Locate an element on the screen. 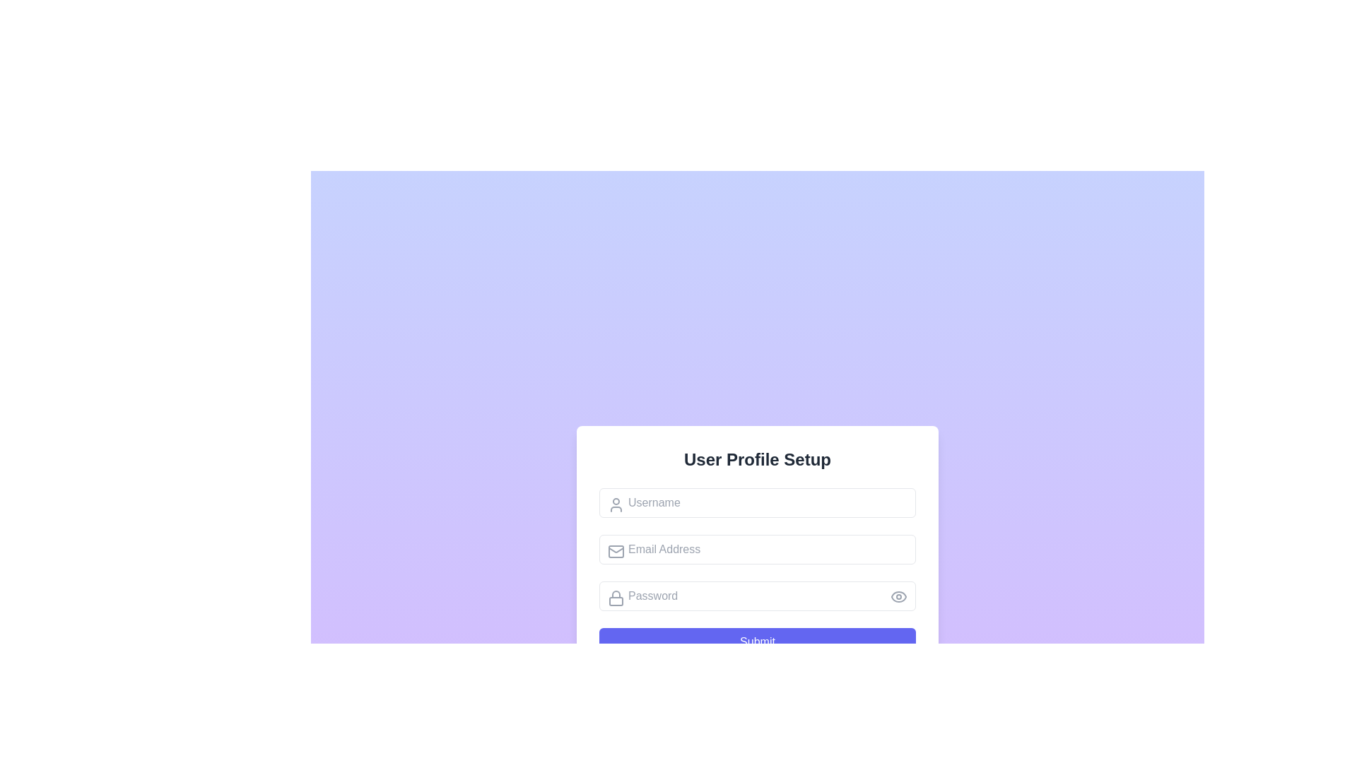 The height and width of the screenshot is (763, 1357). the 'Submit' button with rounded edges, deep indigo background, and white text located at the bottom of the 'User Profile Setup' form is located at coordinates (756, 642).